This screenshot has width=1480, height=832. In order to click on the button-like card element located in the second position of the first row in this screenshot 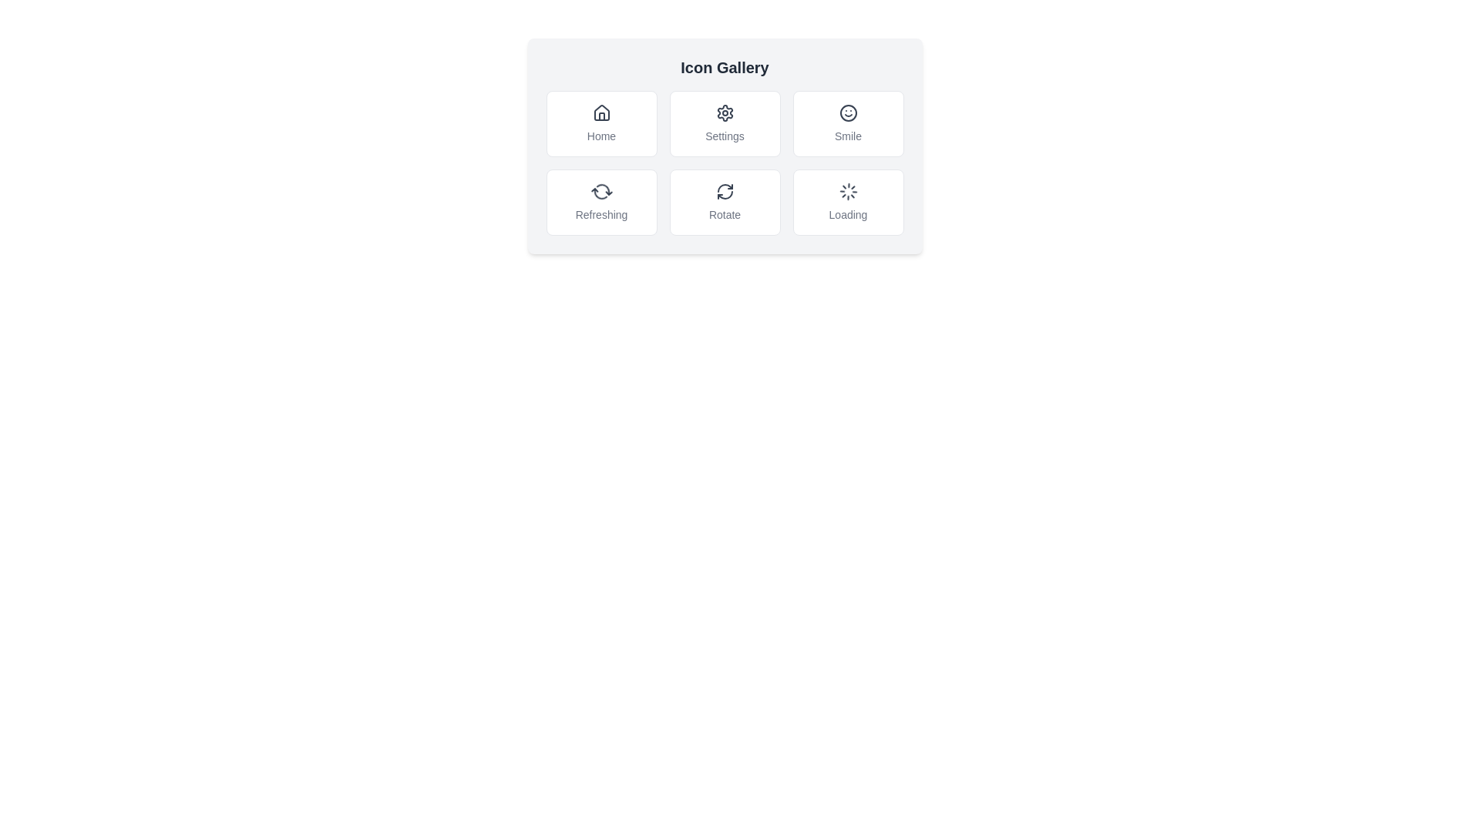, I will do `click(724, 123)`.